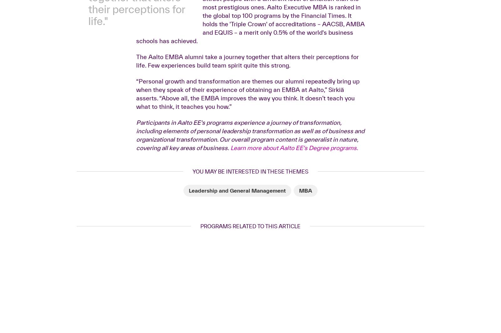 The height and width of the screenshot is (333, 501). What do you see at coordinates (305, 289) in the screenshot?
I see `'MBA'` at bounding box center [305, 289].